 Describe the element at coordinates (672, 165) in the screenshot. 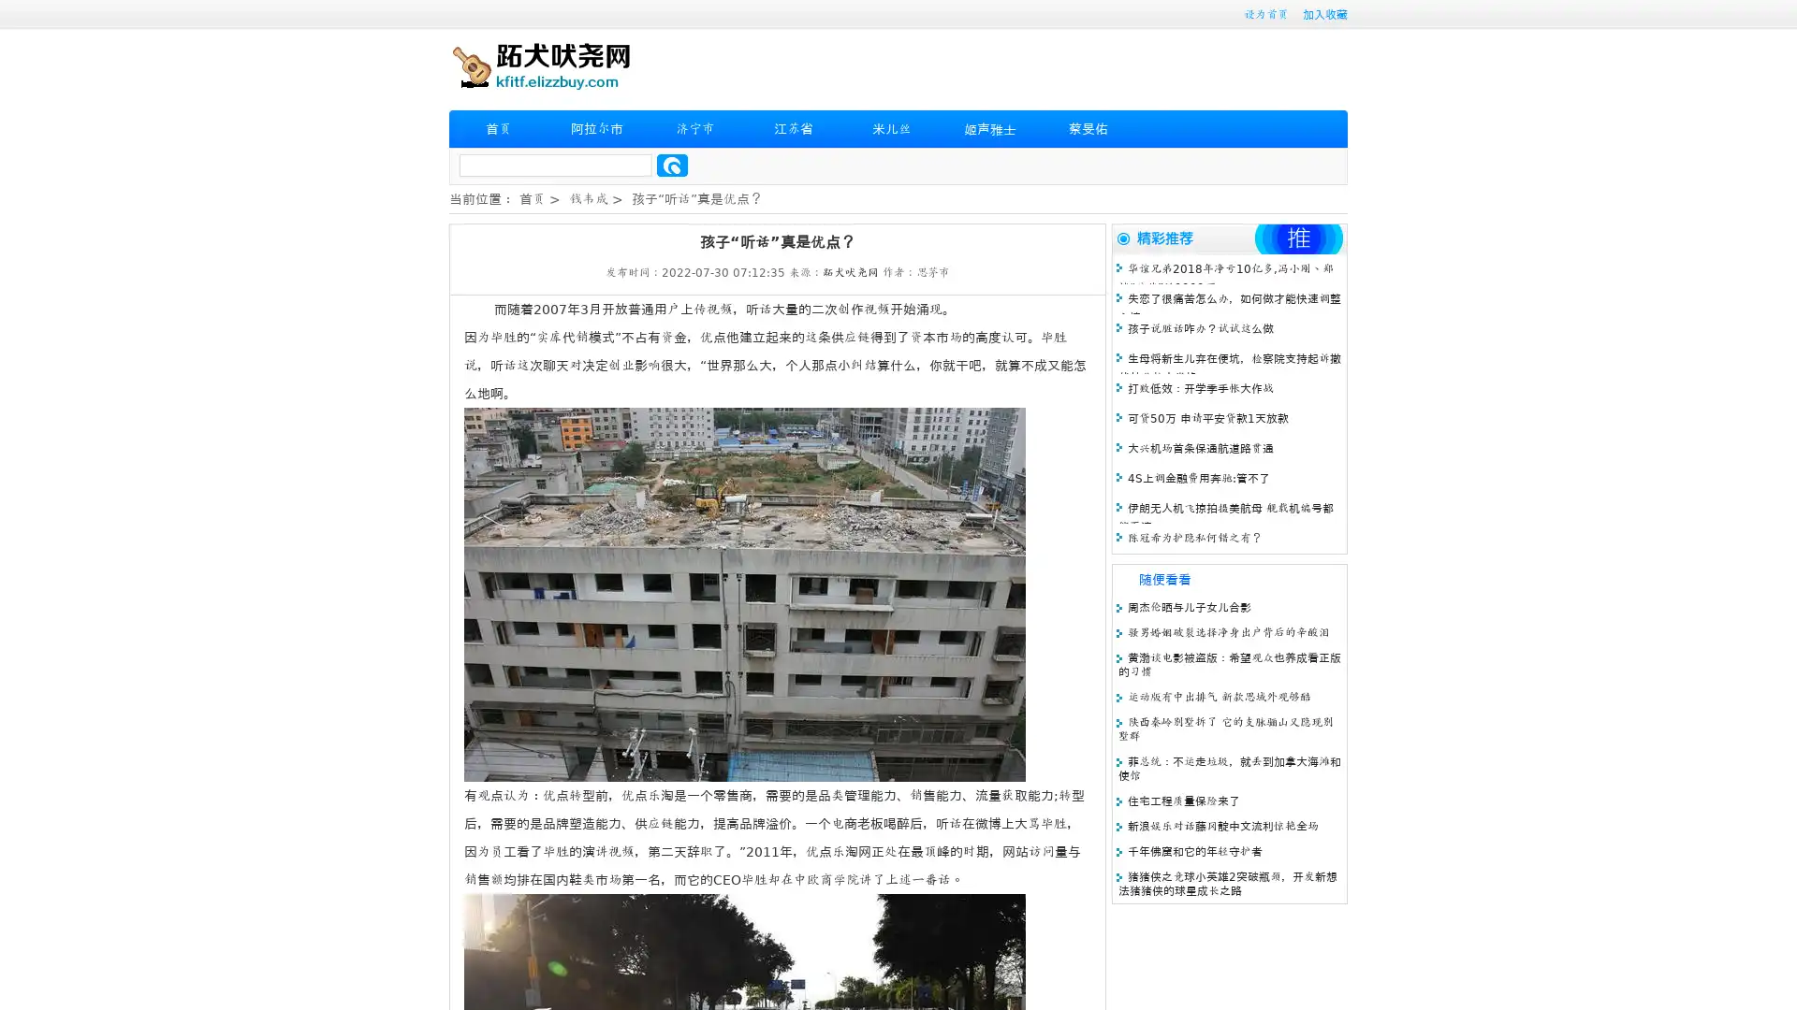

I see `Search` at that location.